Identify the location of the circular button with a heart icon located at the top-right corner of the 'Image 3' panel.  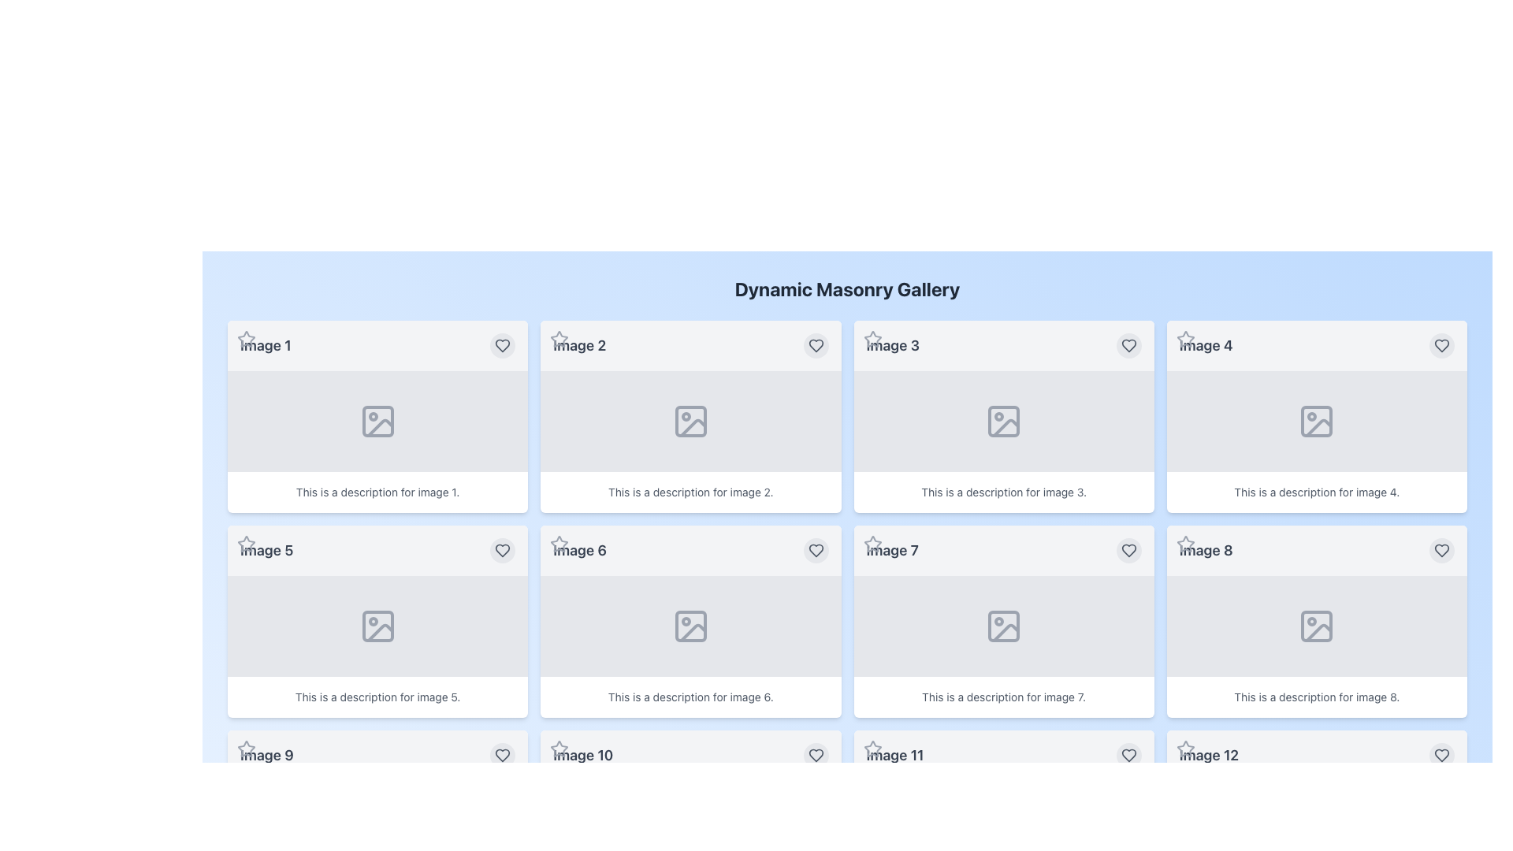
(1128, 345).